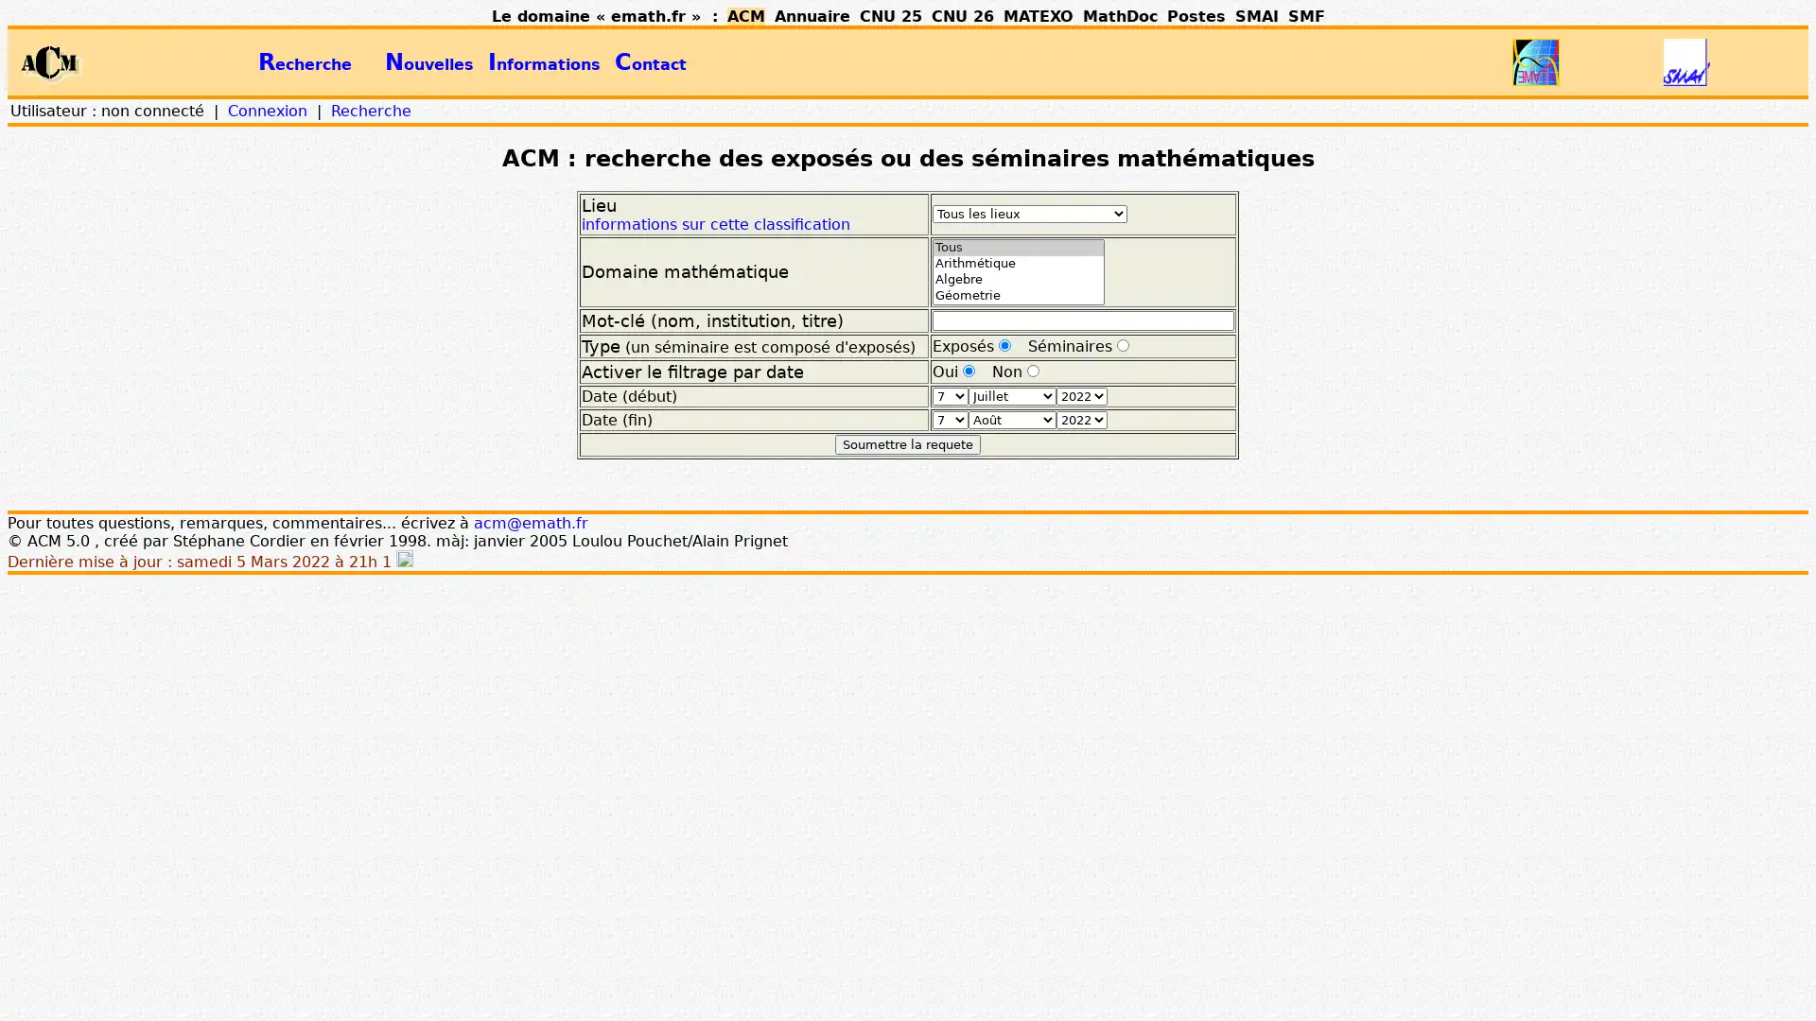 The height and width of the screenshot is (1021, 1816). Describe the element at coordinates (908, 443) in the screenshot. I see `Soumettre la requete` at that location.